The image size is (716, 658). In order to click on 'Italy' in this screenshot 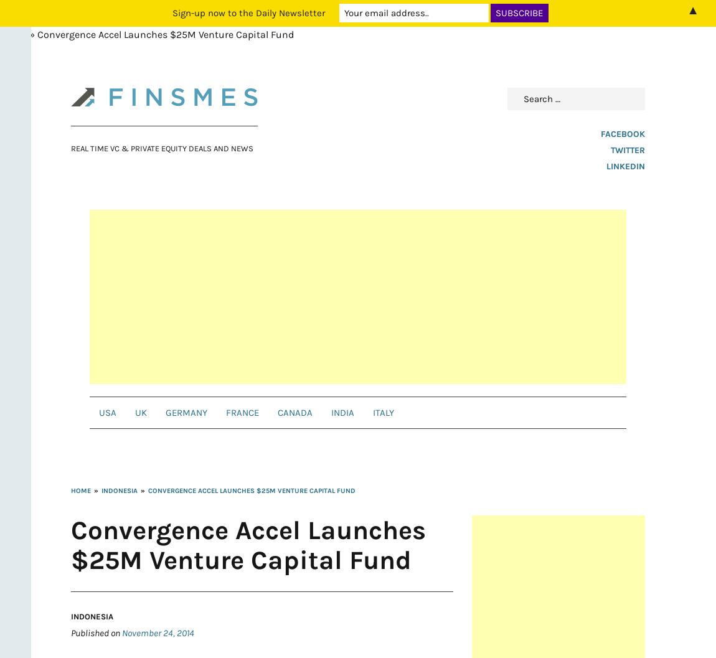, I will do `click(383, 412)`.